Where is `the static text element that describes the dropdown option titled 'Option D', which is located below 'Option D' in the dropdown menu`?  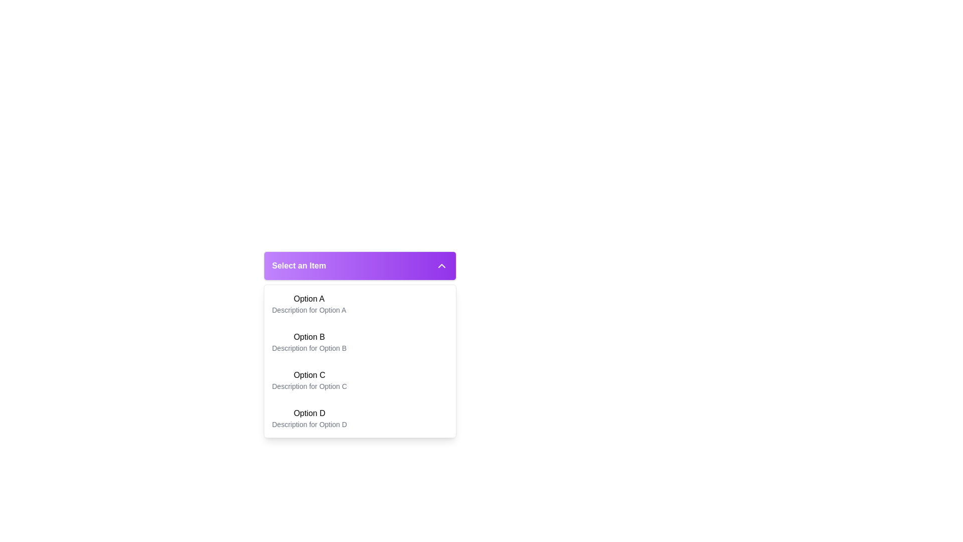
the static text element that describes the dropdown option titled 'Option D', which is located below 'Option D' in the dropdown menu is located at coordinates (309, 424).